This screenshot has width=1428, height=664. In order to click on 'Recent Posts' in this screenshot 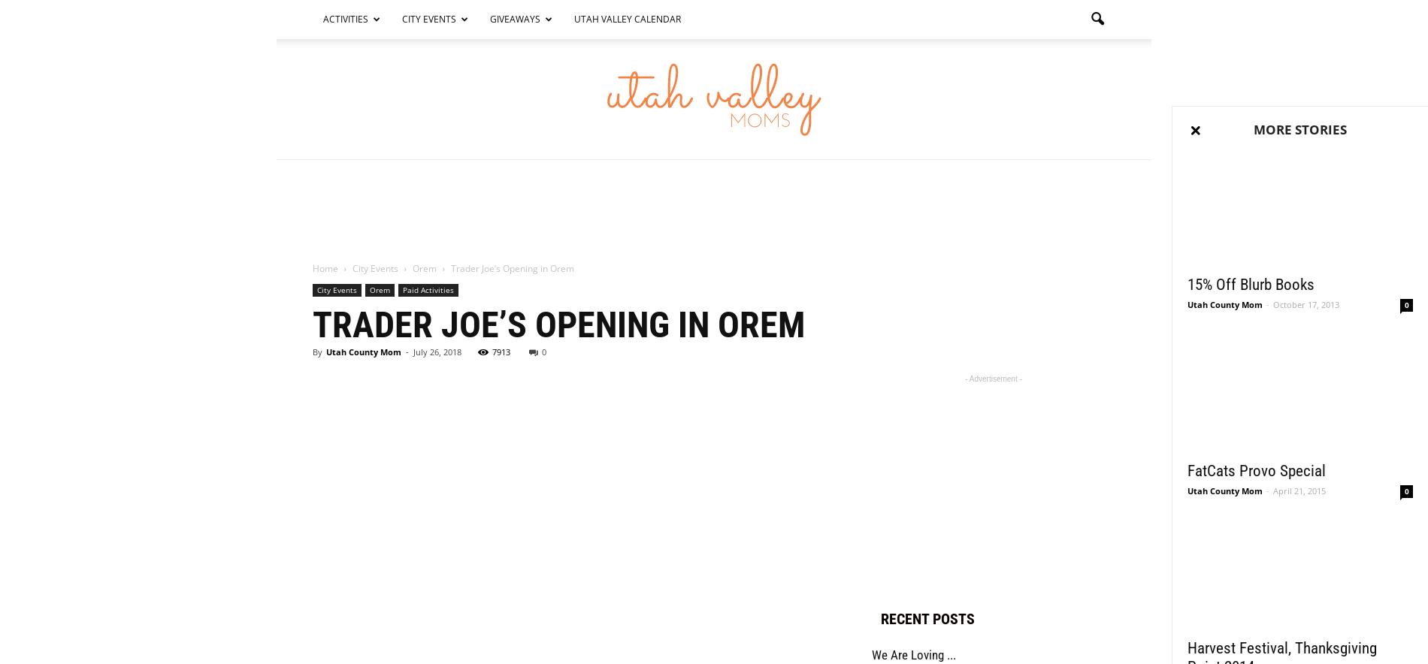, I will do `click(927, 618)`.